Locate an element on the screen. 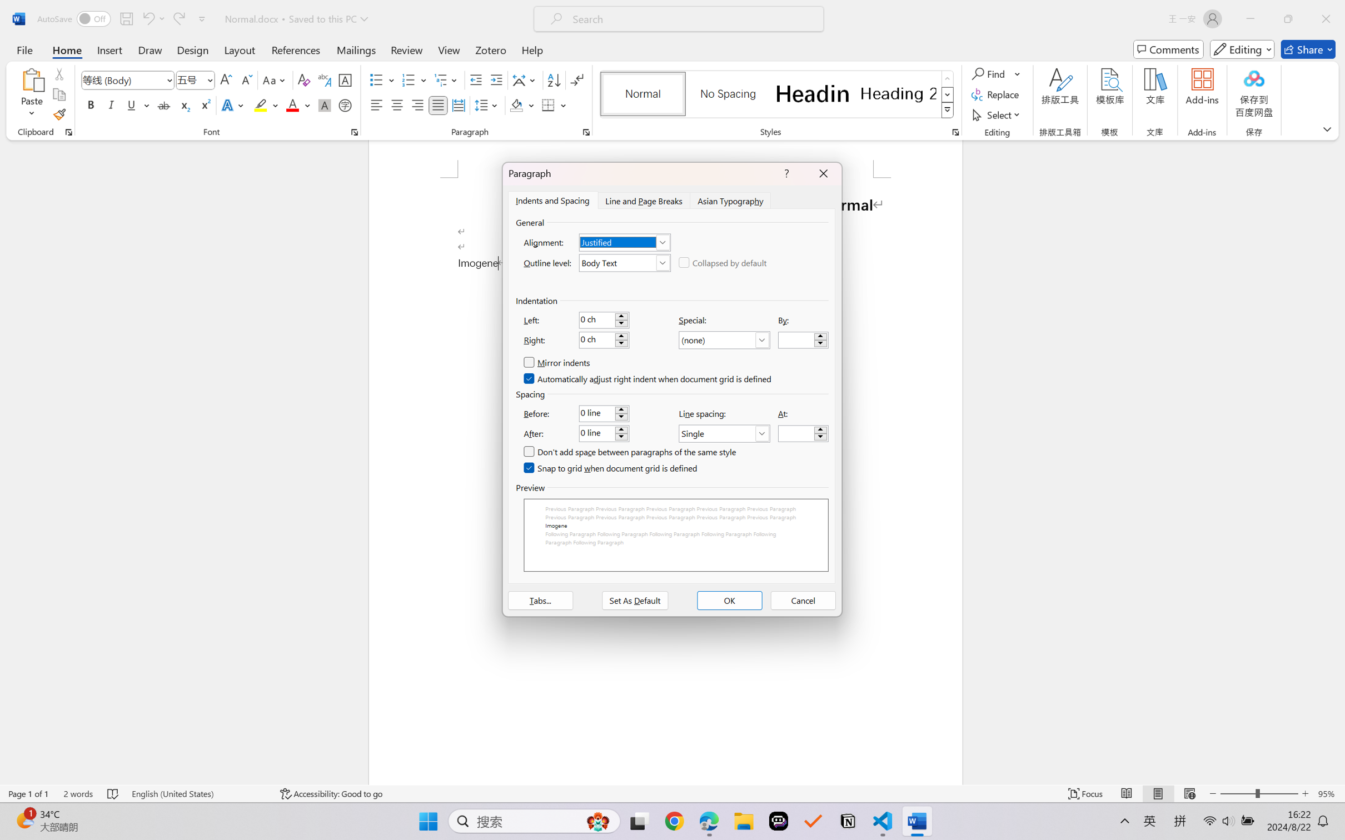 This screenshot has width=1345, height=840. 'Help' is located at coordinates (531, 49).